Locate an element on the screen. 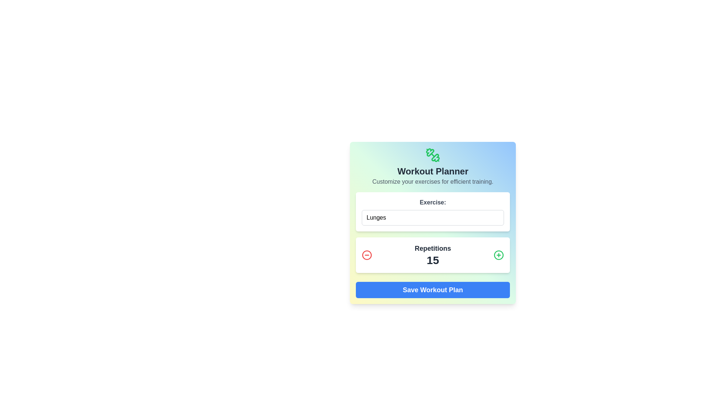 The height and width of the screenshot is (400, 711). the button to decrement the repetition count located inside the 'Repetitions' section, adjacent to the prominently styled text '15' is located at coordinates (367, 255).